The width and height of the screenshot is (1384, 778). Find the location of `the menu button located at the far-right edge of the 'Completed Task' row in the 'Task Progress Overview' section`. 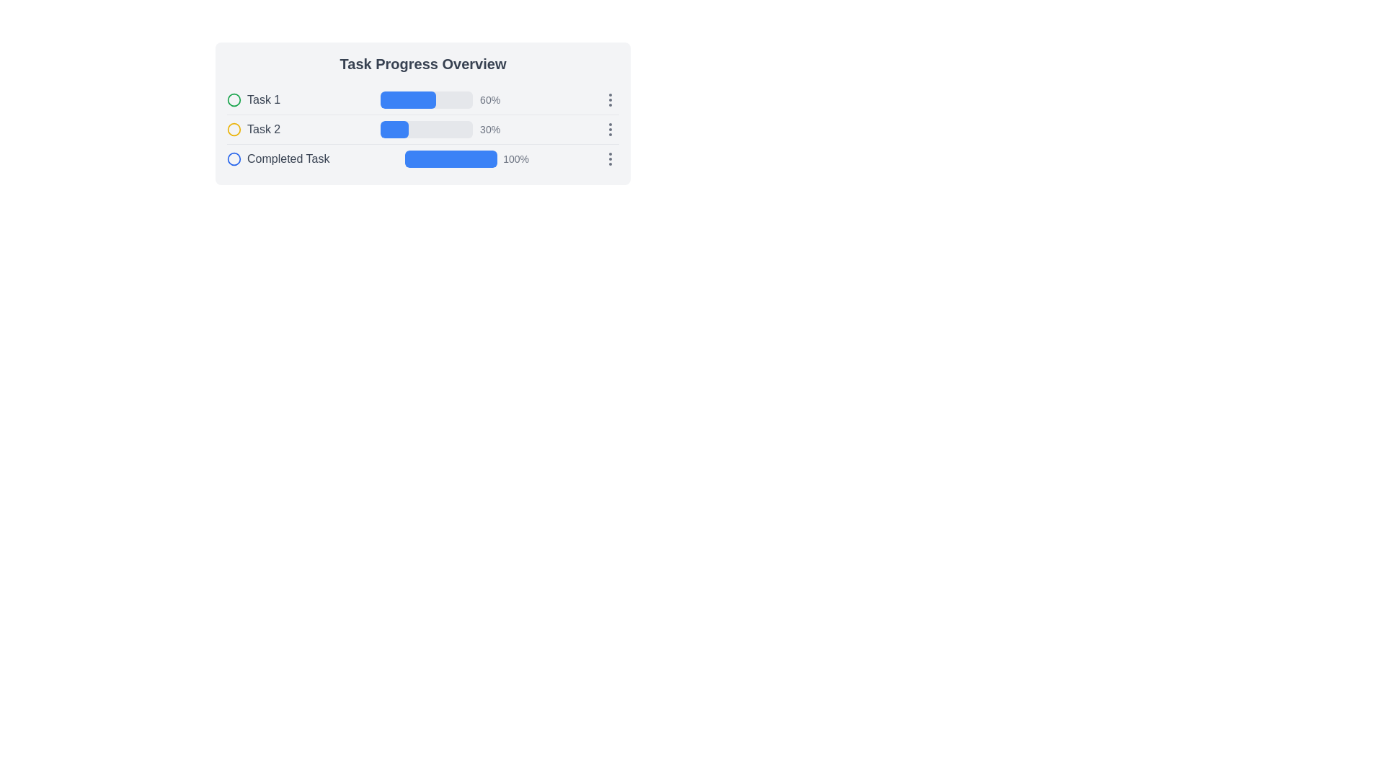

the menu button located at the far-right edge of the 'Completed Task' row in the 'Task Progress Overview' section is located at coordinates (610, 158).